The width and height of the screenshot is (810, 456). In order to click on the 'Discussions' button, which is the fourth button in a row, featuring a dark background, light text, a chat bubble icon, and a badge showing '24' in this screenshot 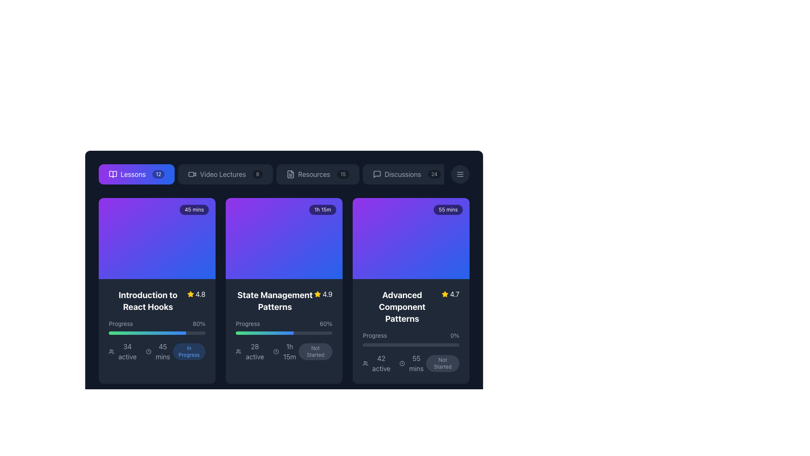, I will do `click(407, 174)`.